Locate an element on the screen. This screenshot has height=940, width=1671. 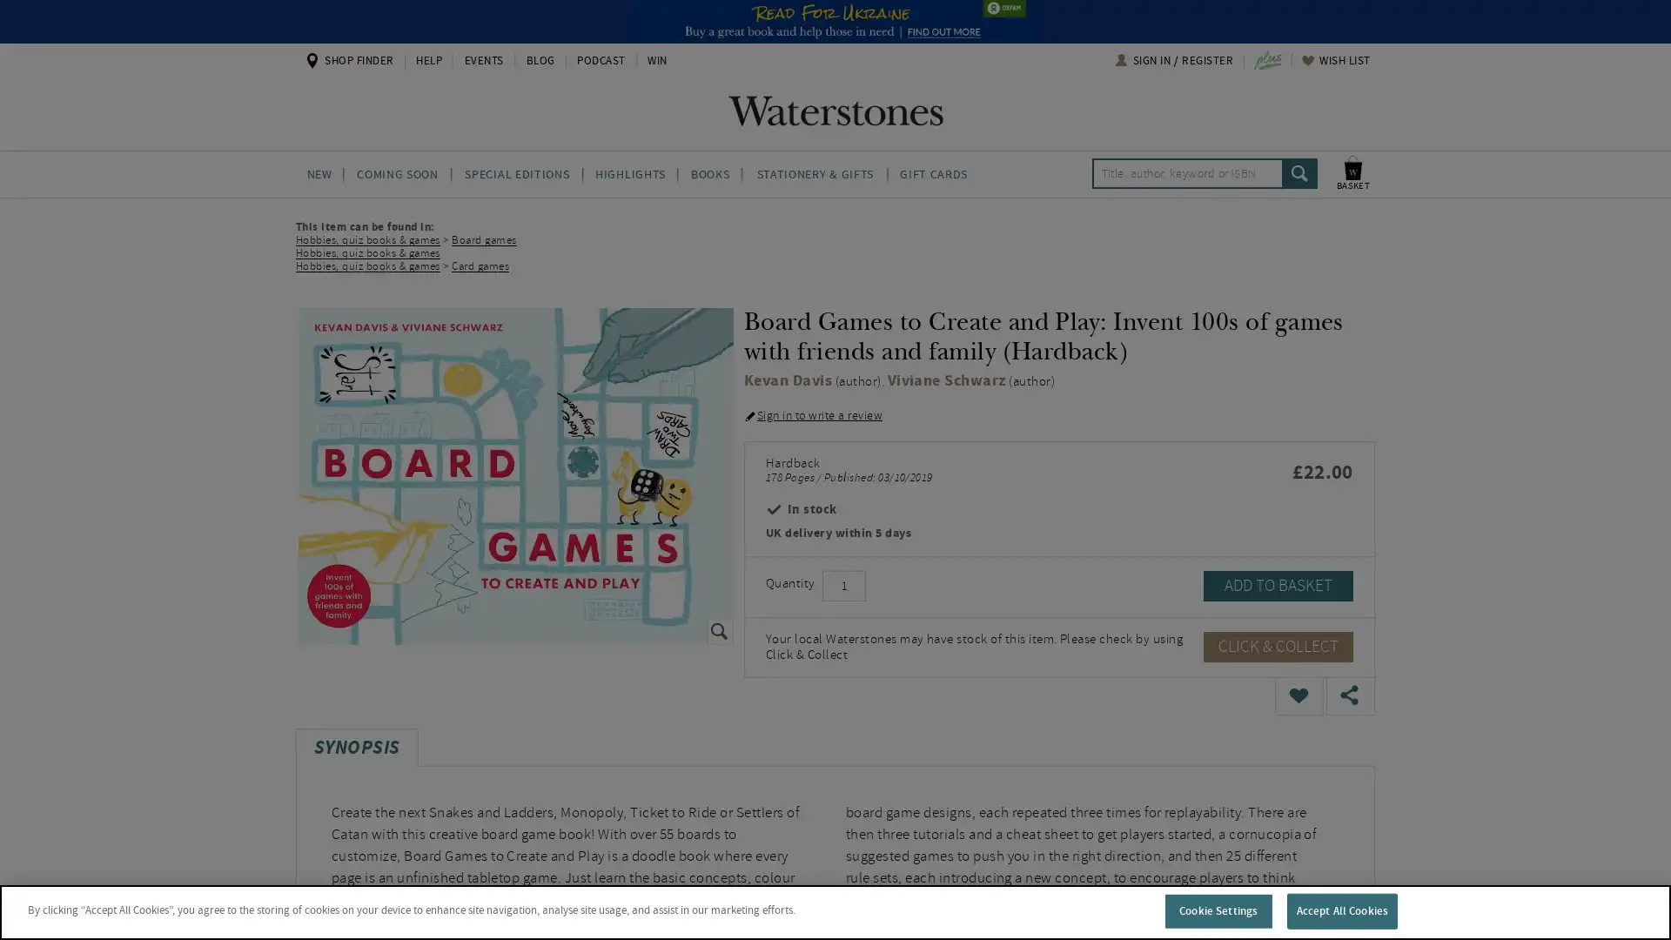
CLICK & COLLECT is located at coordinates (1278, 646).